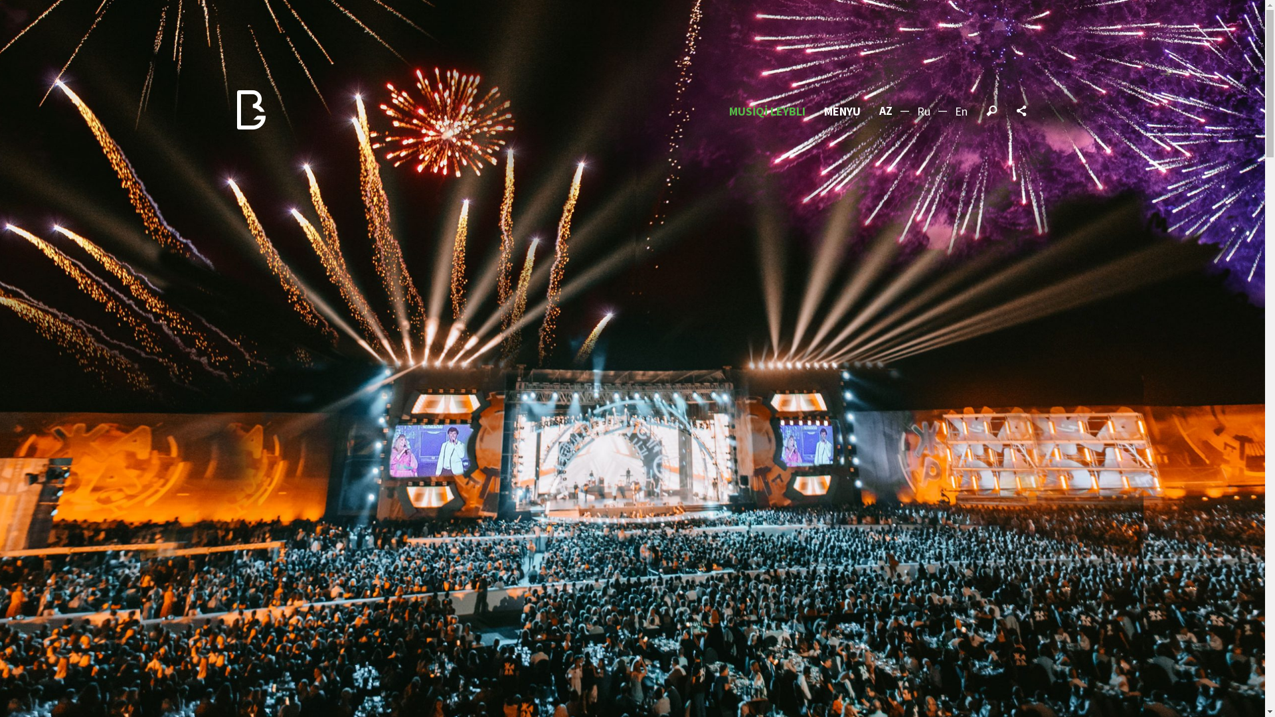  Describe the element at coordinates (841, 111) in the screenshot. I see `'MENYU'` at that location.